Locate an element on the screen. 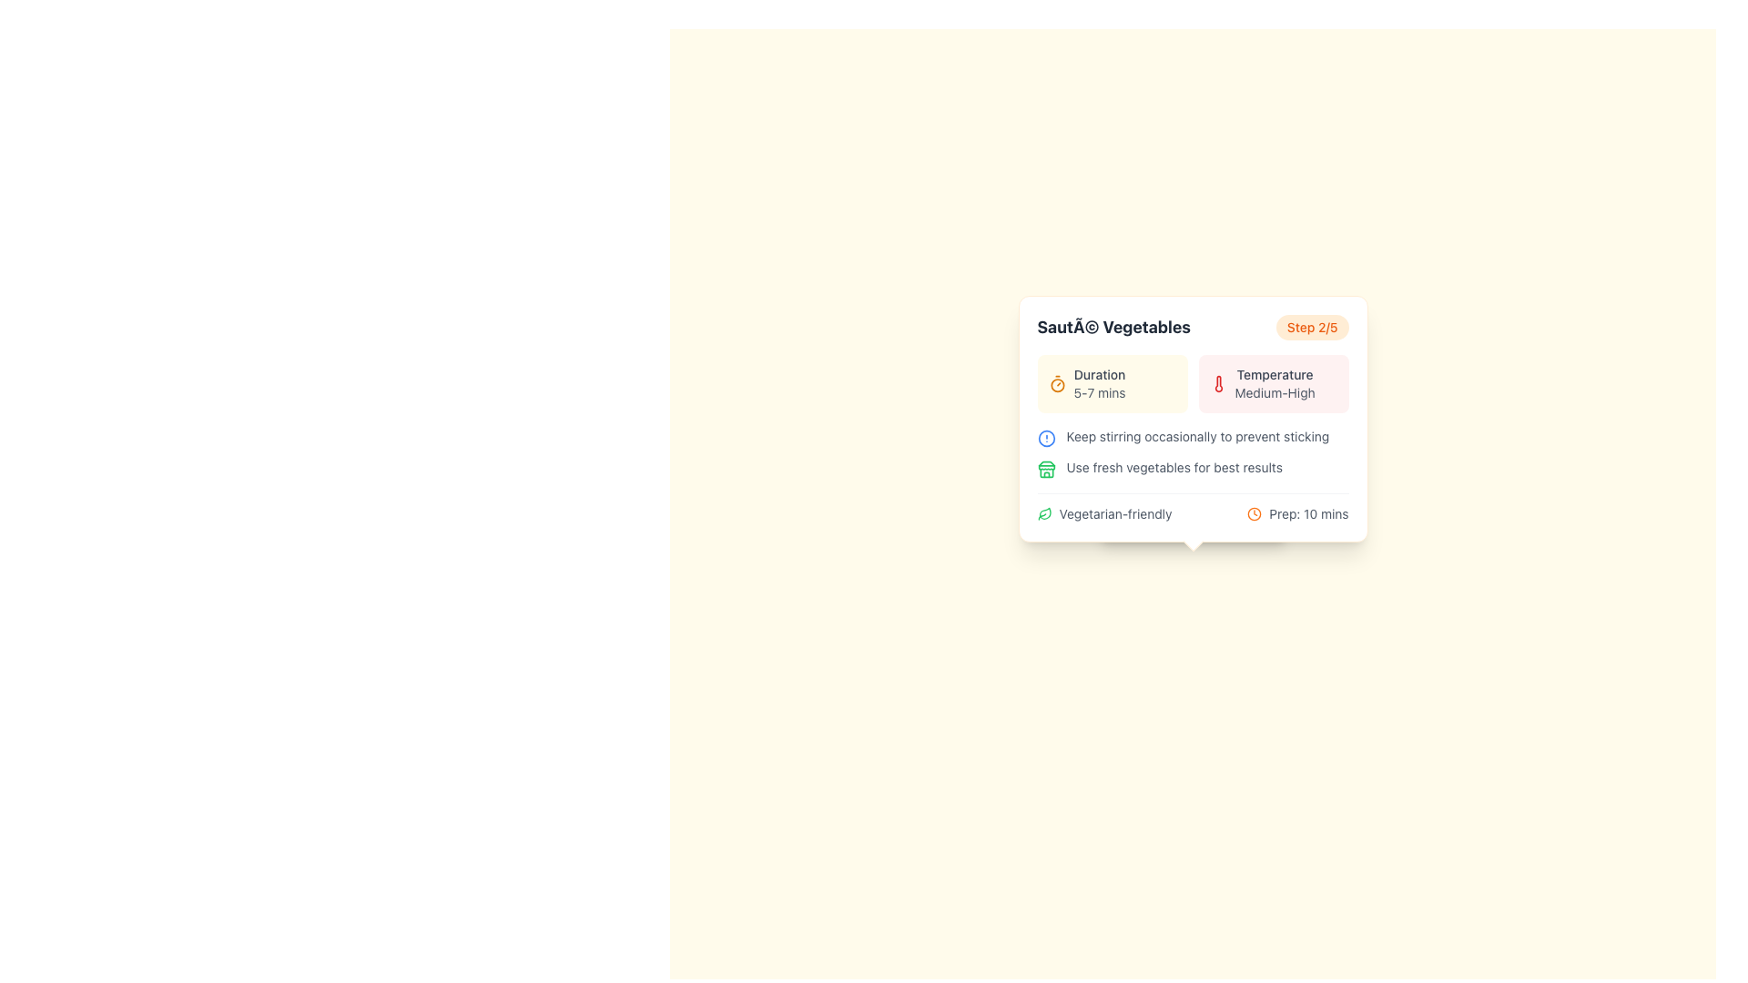 This screenshot has height=983, width=1748. the composite information display at the bottom section of the card that shows 'Vegetarian-friendly' and 'Prep: 10 mins' is located at coordinates (1193, 508).